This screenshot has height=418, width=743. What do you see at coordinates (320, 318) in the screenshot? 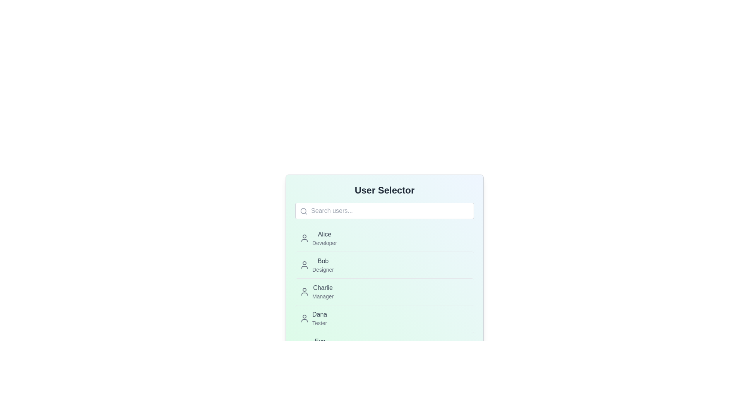
I see `the label displaying the user entry 'Dana Tester', which is positioned in the list between 'Charlie Manager' above and 'Eve' below, and aligns with a user profile icon on the left` at bounding box center [320, 318].